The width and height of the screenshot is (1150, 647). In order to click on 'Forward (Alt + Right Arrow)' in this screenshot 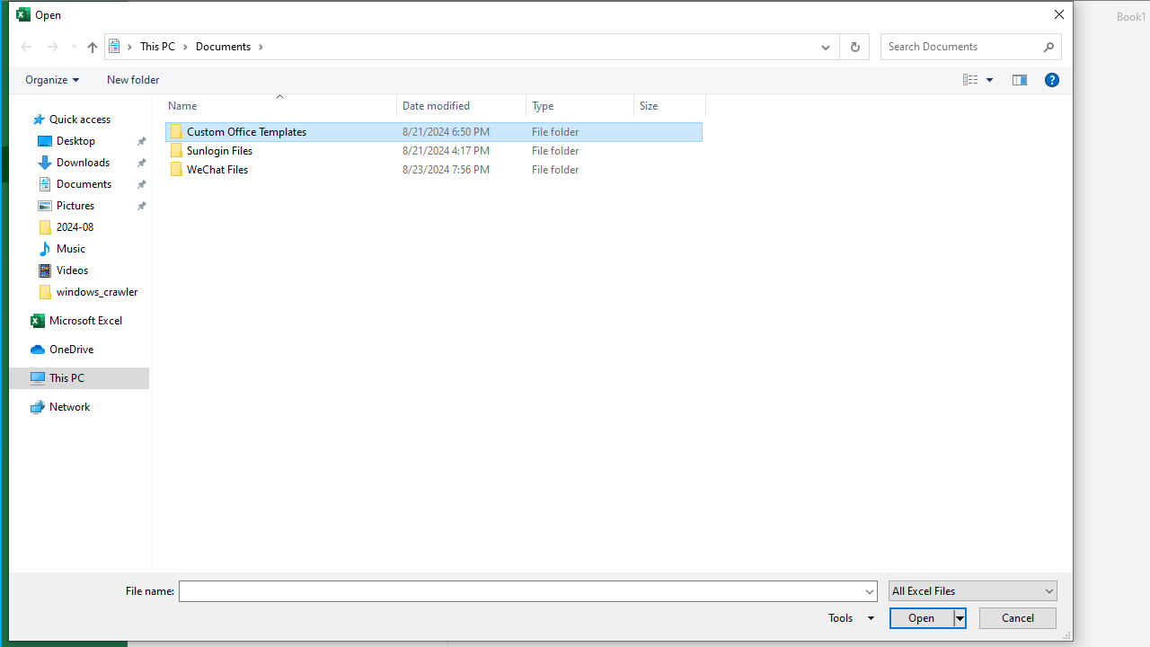, I will do `click(52, 45)`.